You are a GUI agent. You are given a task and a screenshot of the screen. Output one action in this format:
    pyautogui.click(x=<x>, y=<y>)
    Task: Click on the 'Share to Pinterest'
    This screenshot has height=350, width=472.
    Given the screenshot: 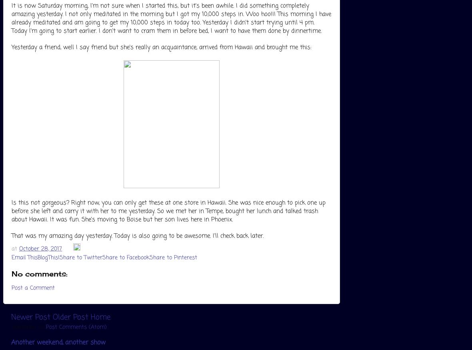 What is the action you would take?
    pyautogui.click(x=173, y=257)
    